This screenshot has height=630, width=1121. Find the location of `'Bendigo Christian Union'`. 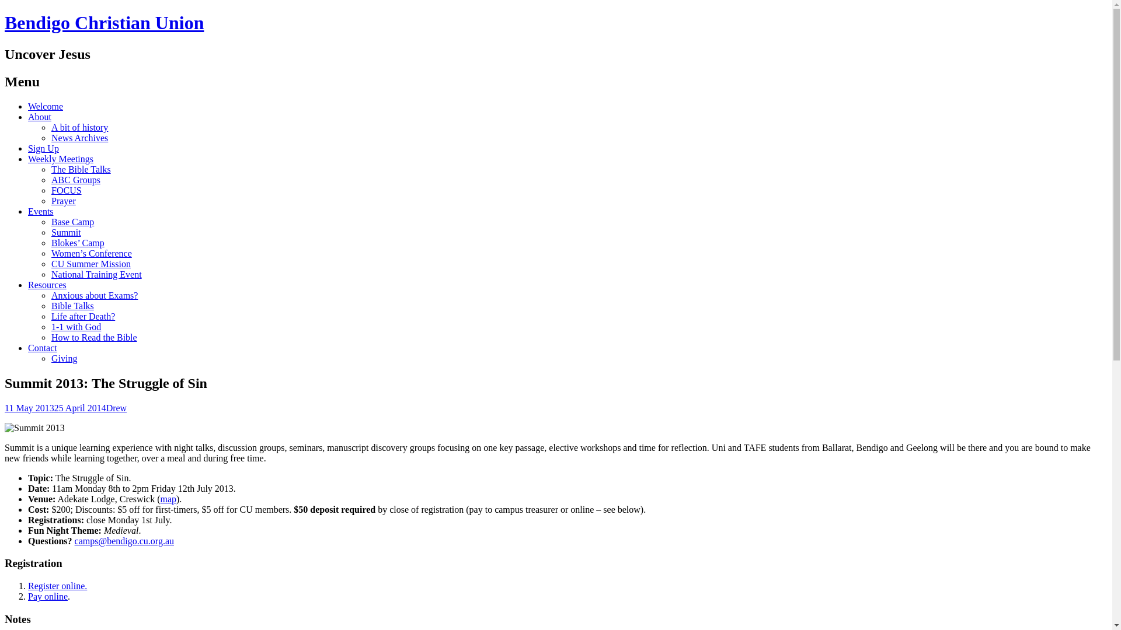

'Bendigo Christian Union' is located at coordinates (104, 22).